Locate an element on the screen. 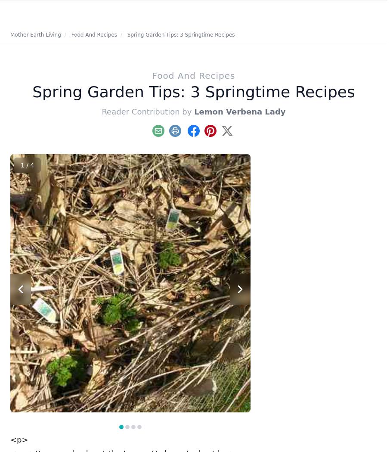 This screenshot has width=390, height=452. 'Popular Now' is located at coordinates (298, 163).